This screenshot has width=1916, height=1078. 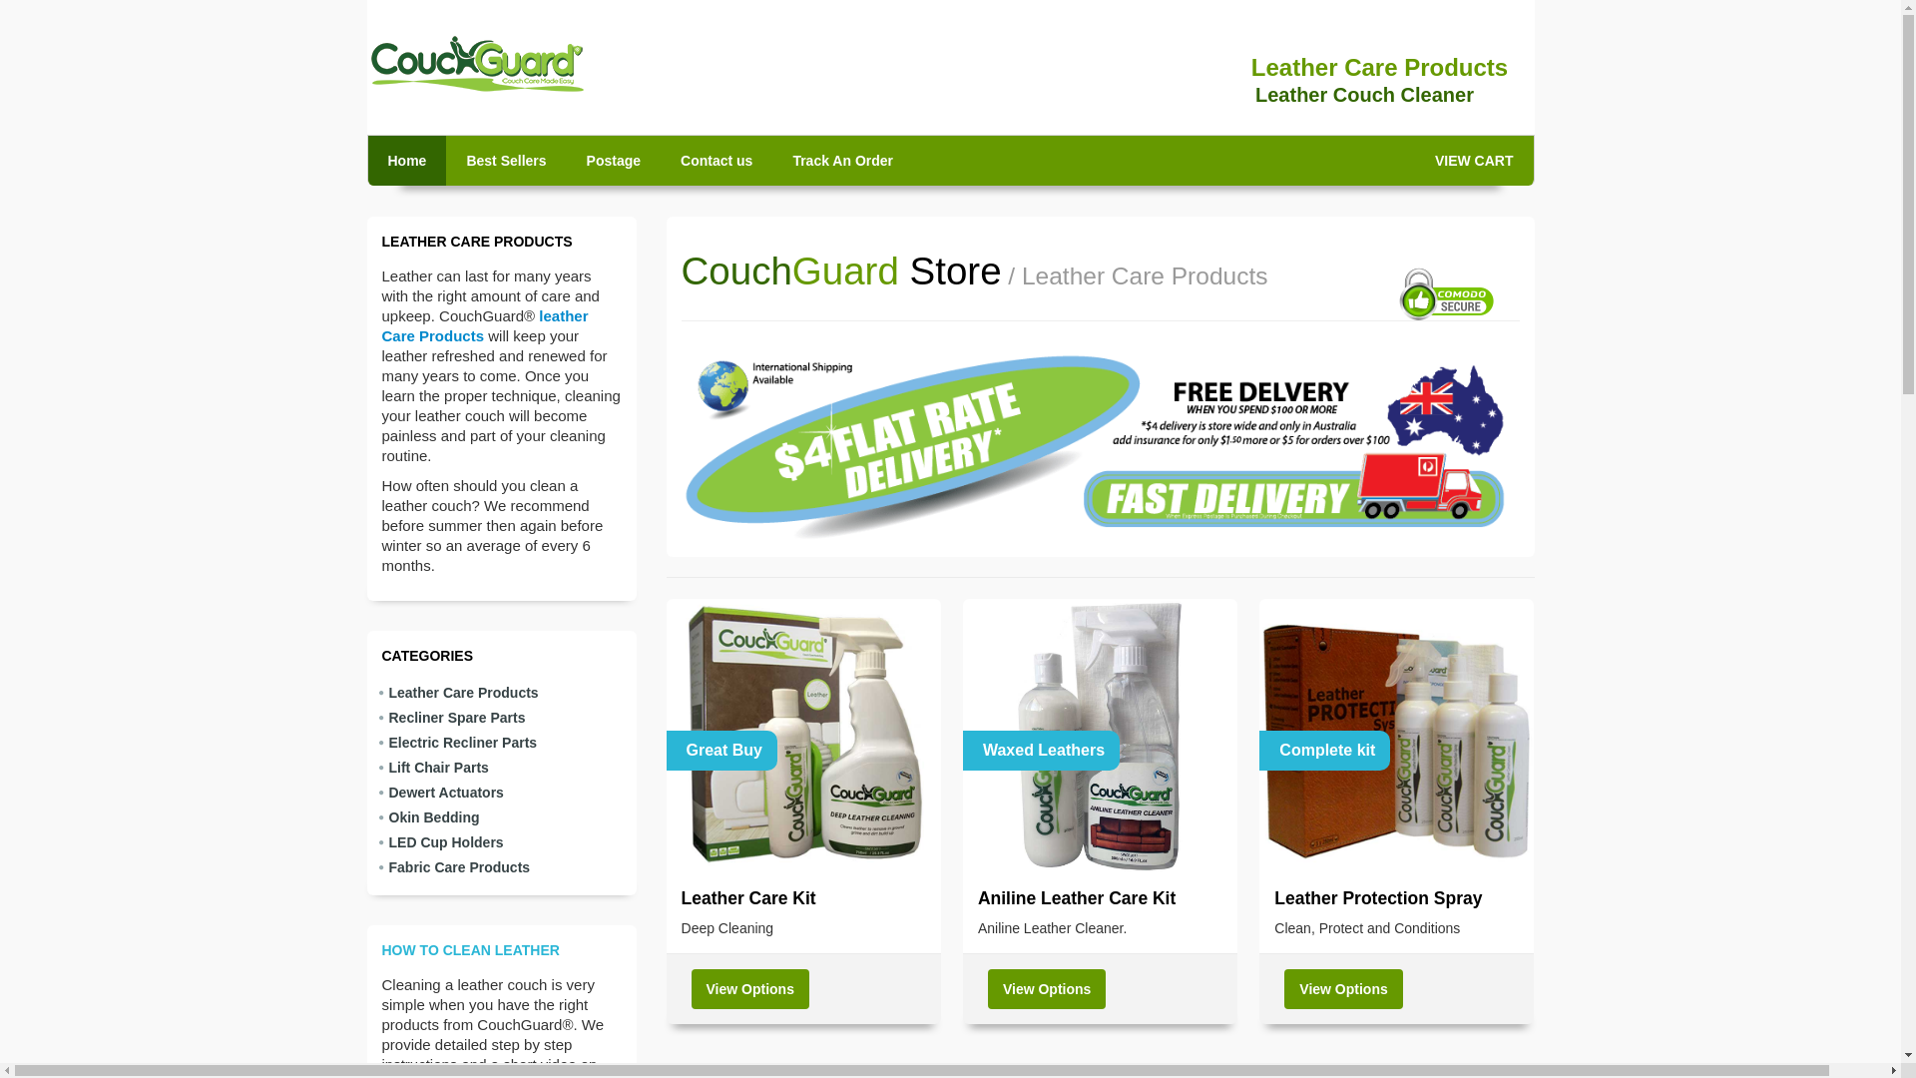 I want to click on 'Track An Order', so click(x=842, y=160).